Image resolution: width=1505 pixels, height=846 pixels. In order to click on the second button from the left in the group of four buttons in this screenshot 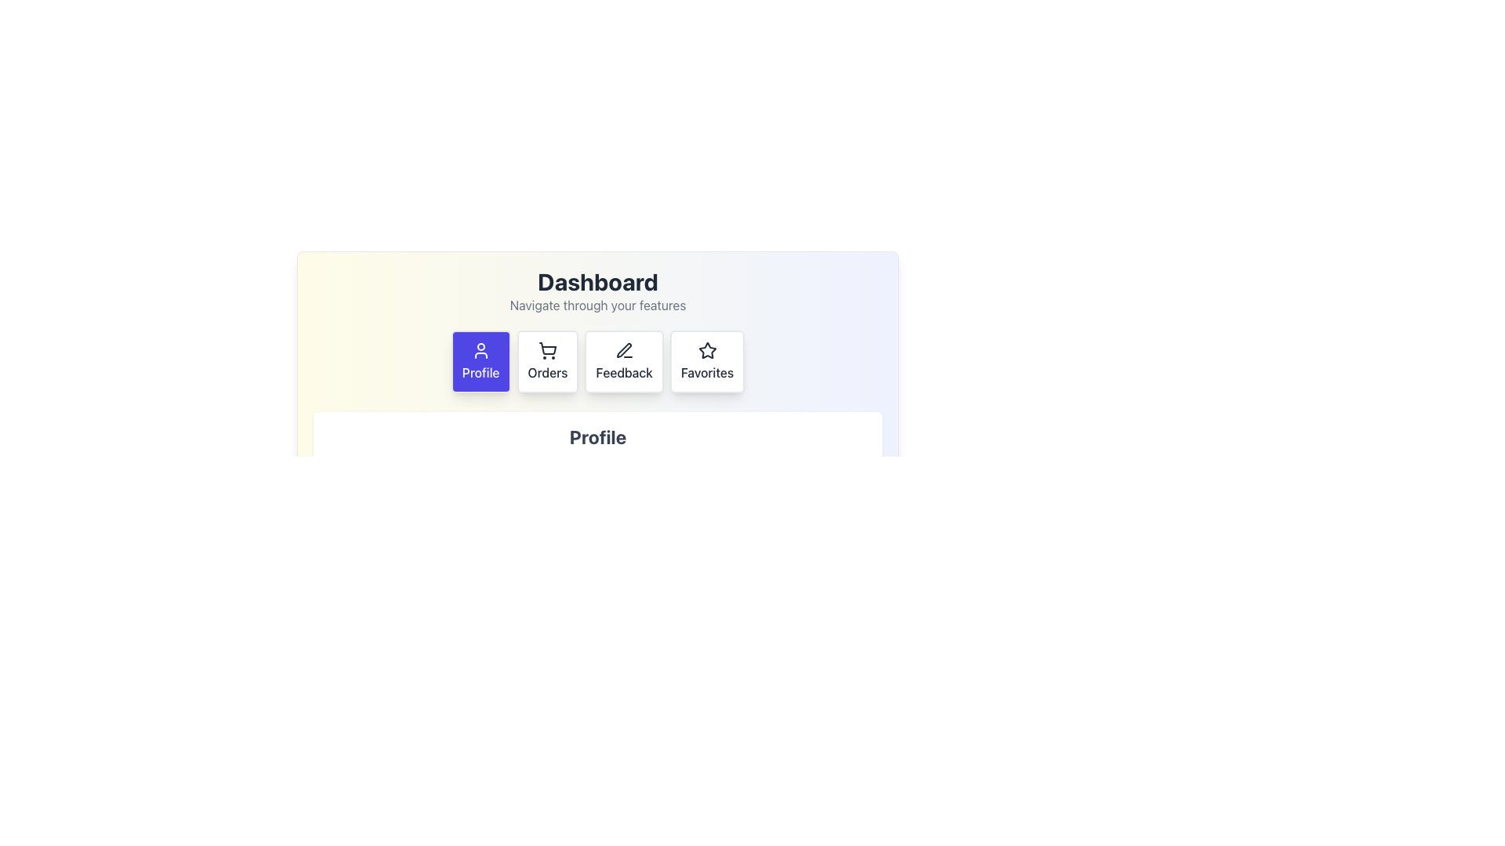, I will do `click(547, 362)`.